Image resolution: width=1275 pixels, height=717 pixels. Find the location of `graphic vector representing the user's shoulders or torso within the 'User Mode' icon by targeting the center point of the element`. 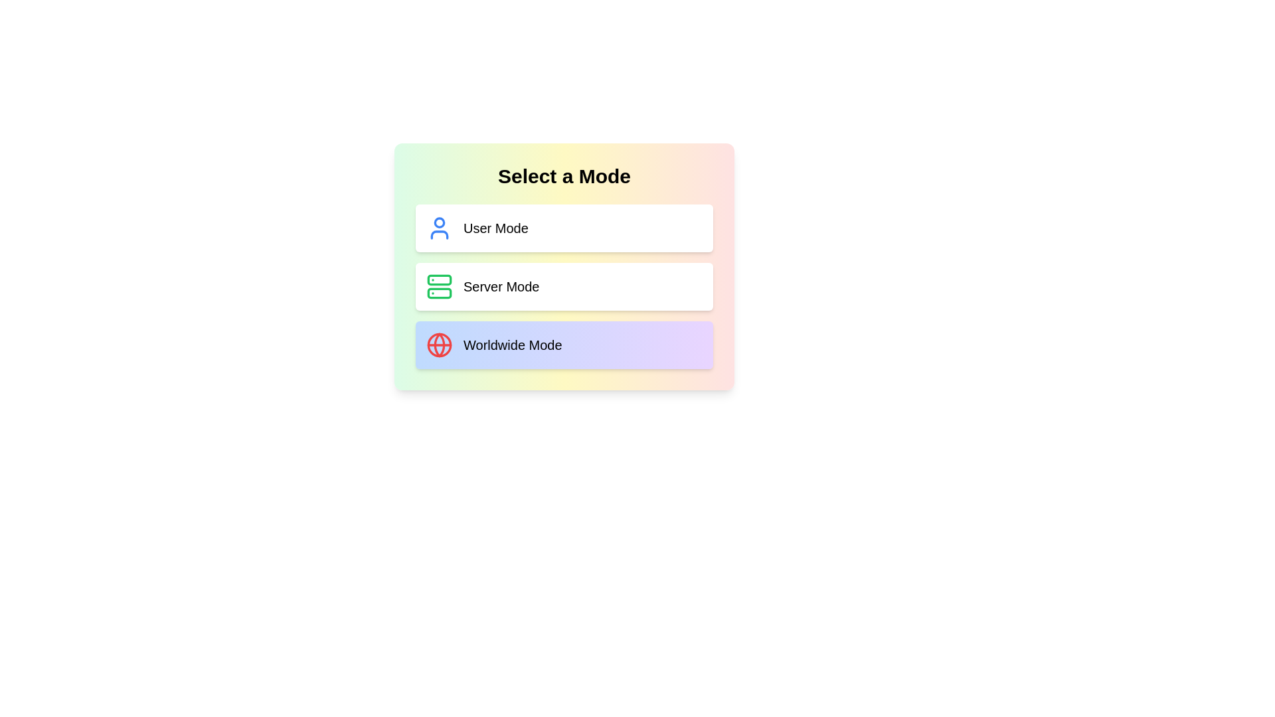

graphic vector representing the user's shoulders or torso within the 'User Mode' icon by targeting the center point of the element is located at coordinates (440, 234).